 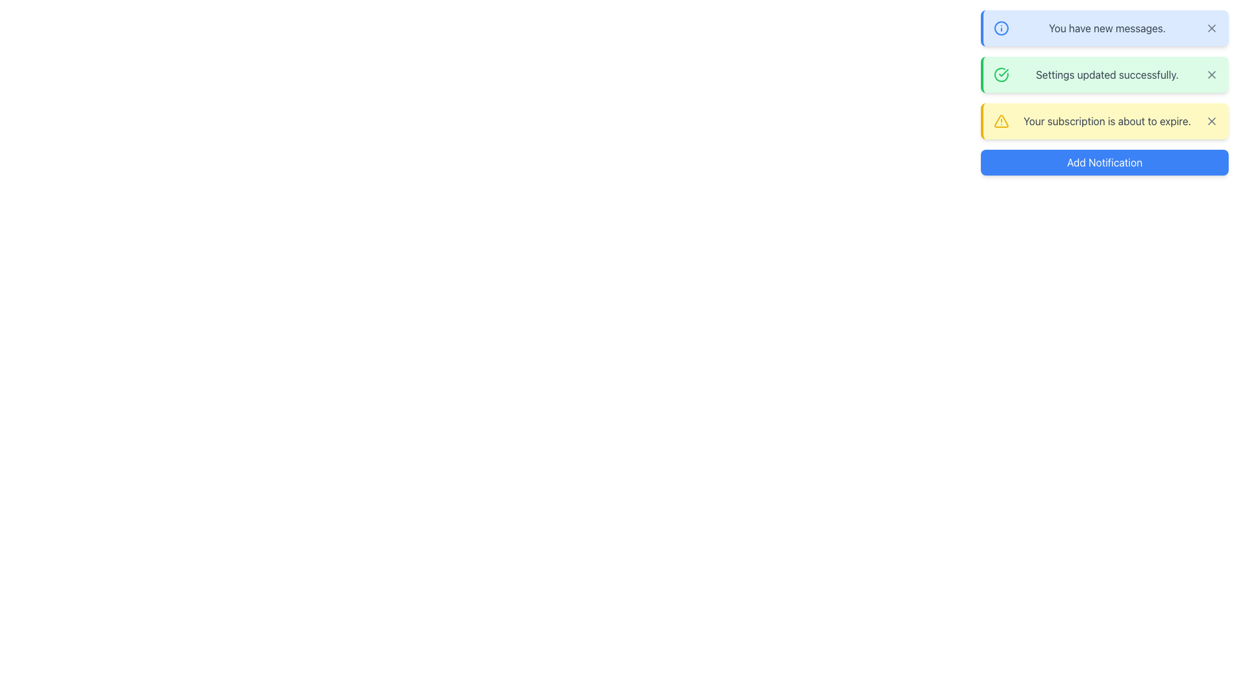 What do you see at coordinates (1000, 28) in the screenshot?
I see `the circular blue-bordered icon with a vertical blue line and a small dot, located on the left side of the notification box that indicates 'You have new messages.'` at bounding box center [1000, 28].